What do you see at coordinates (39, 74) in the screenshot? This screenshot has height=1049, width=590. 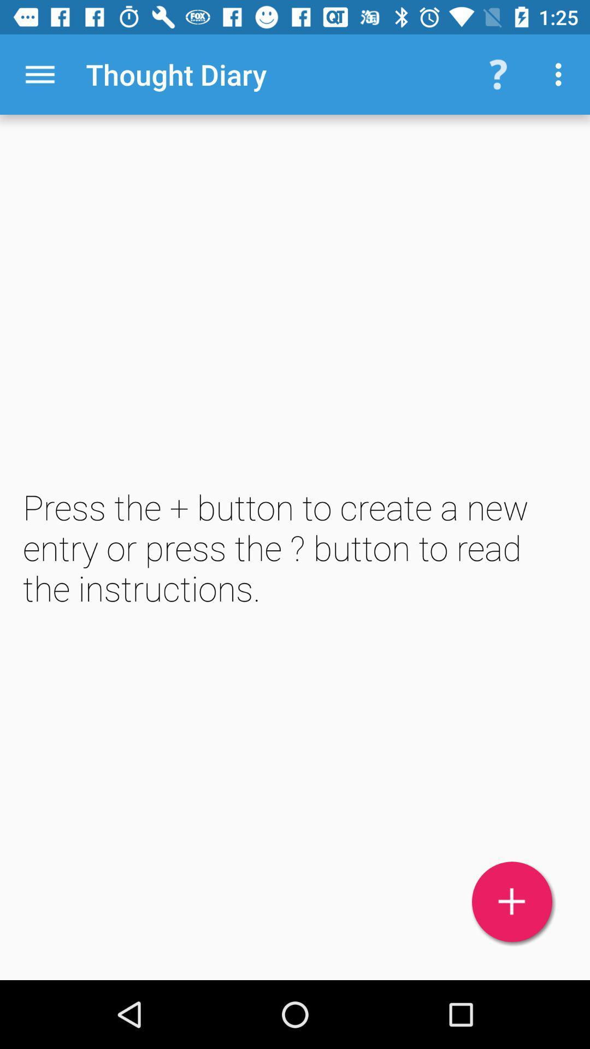 I see `the item next to the thought diary item` at bounding box center [39, 74].